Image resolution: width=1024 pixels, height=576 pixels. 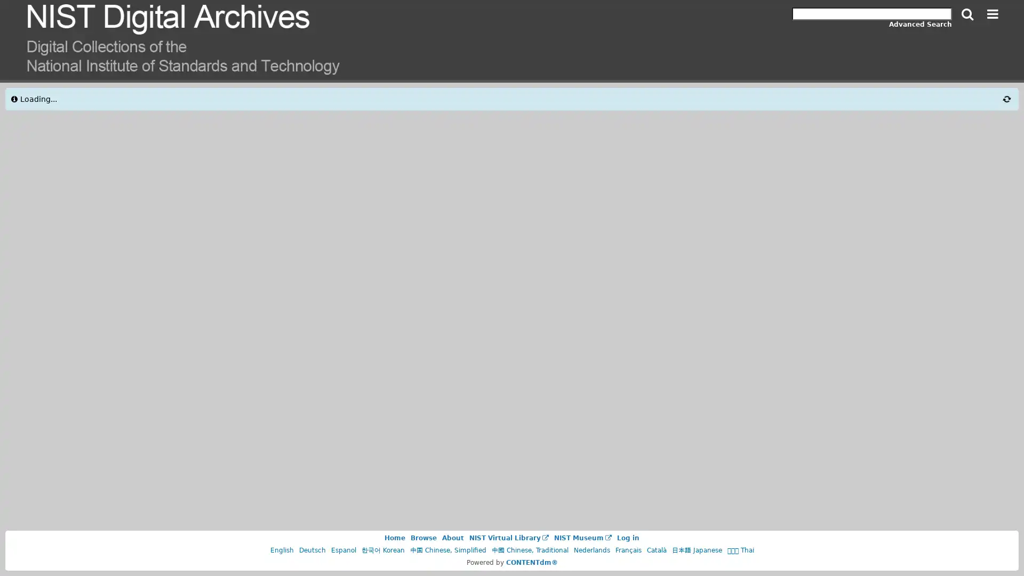 I want to click on Show All, so click(x=129, y=219).